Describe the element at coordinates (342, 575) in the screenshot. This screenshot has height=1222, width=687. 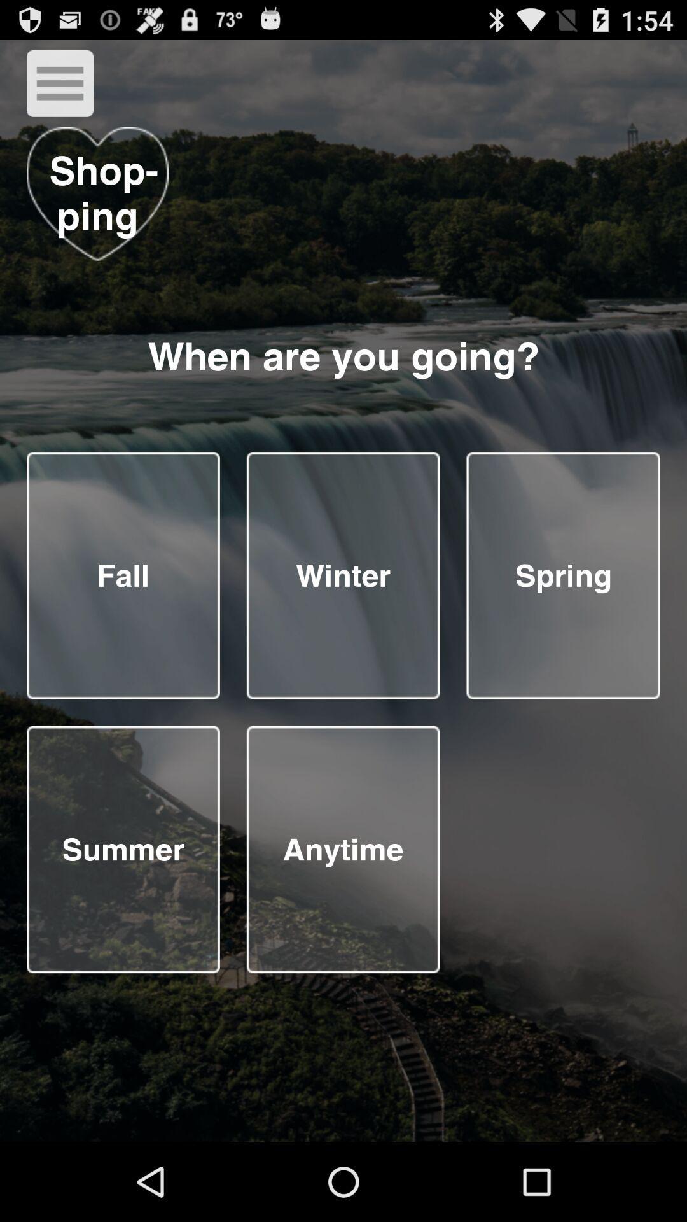
I see `menu page` at that location.